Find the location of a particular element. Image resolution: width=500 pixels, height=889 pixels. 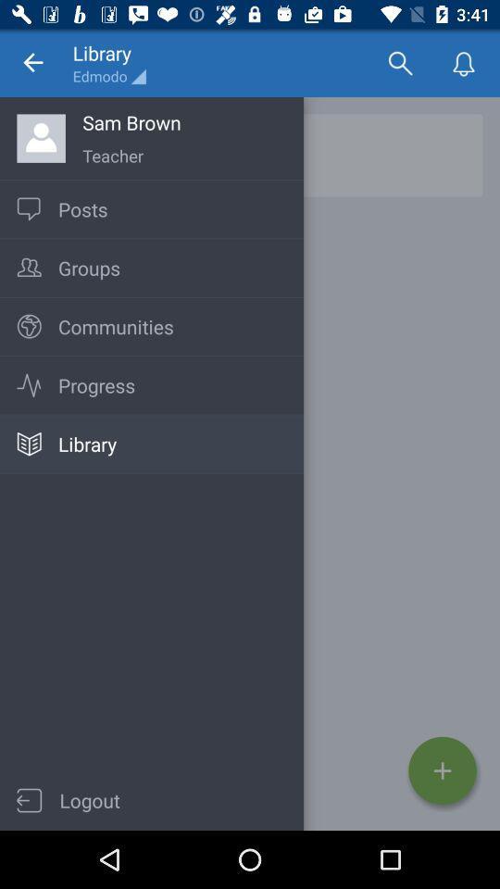

the add icon is located at coordinates (442, 770).